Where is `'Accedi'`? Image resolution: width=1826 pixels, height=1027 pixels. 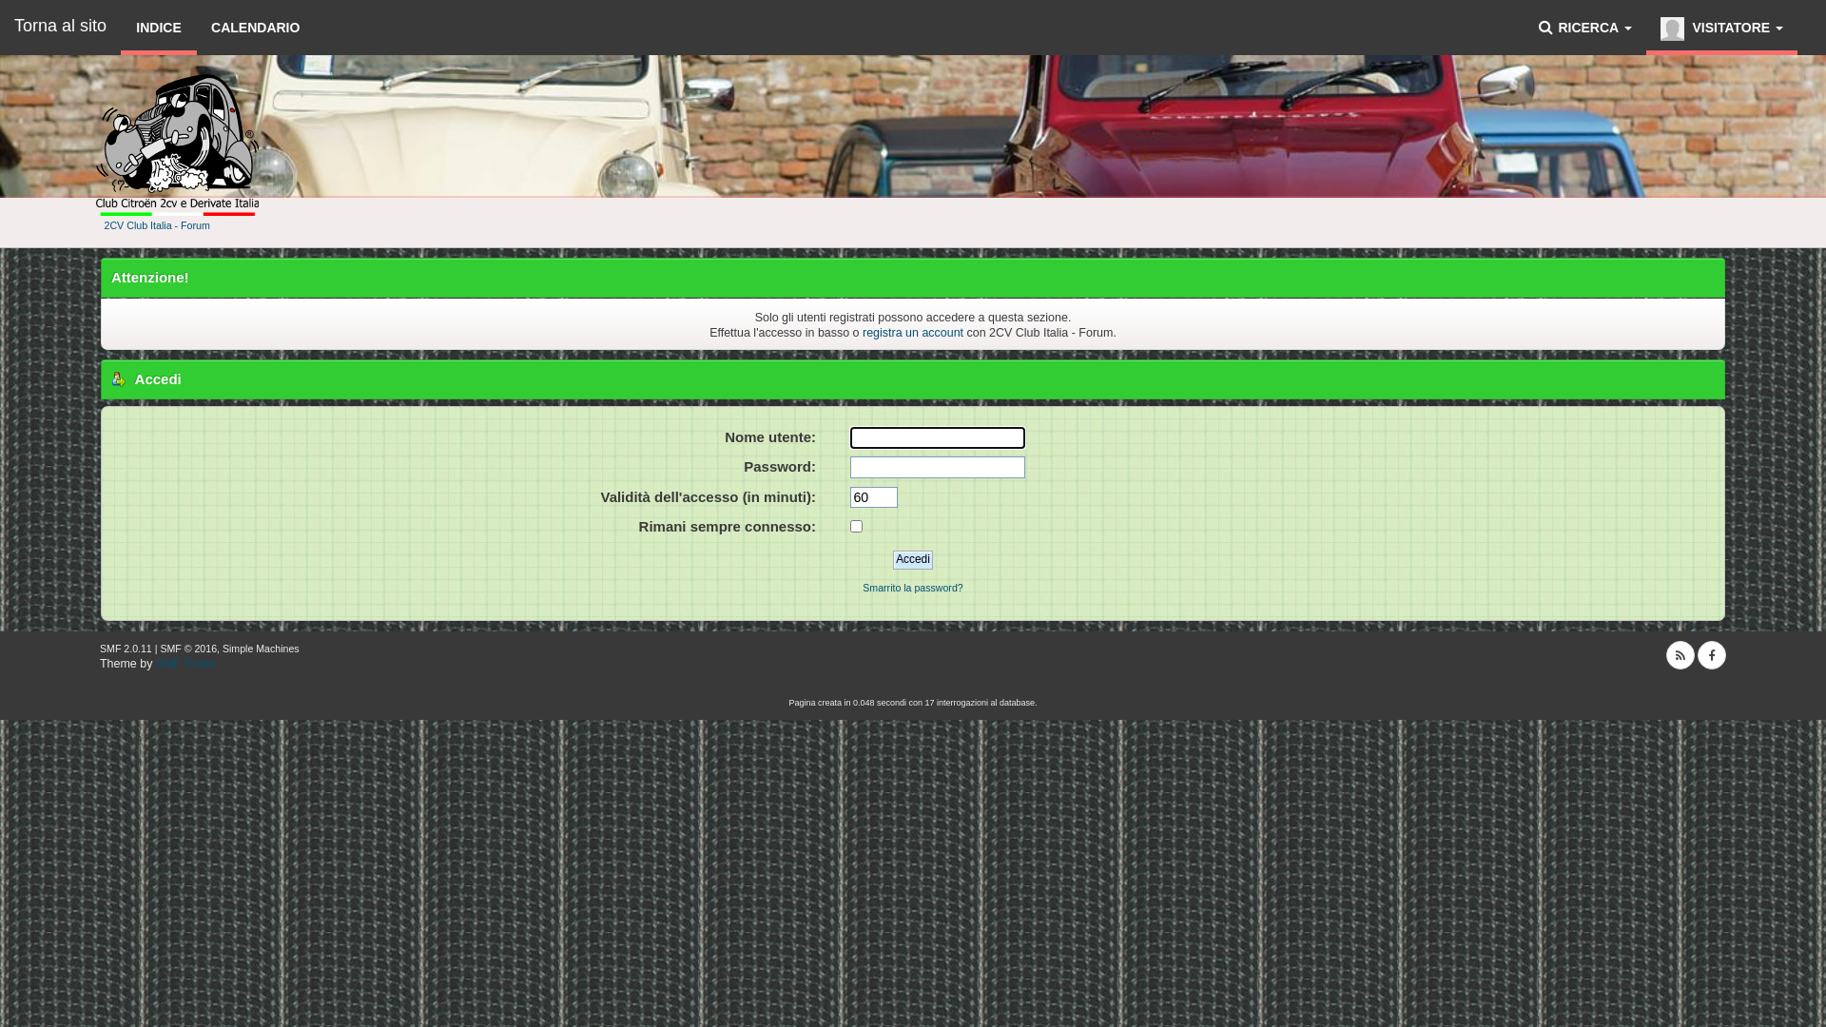 'Accedi' is located at coordinates (913, 559).